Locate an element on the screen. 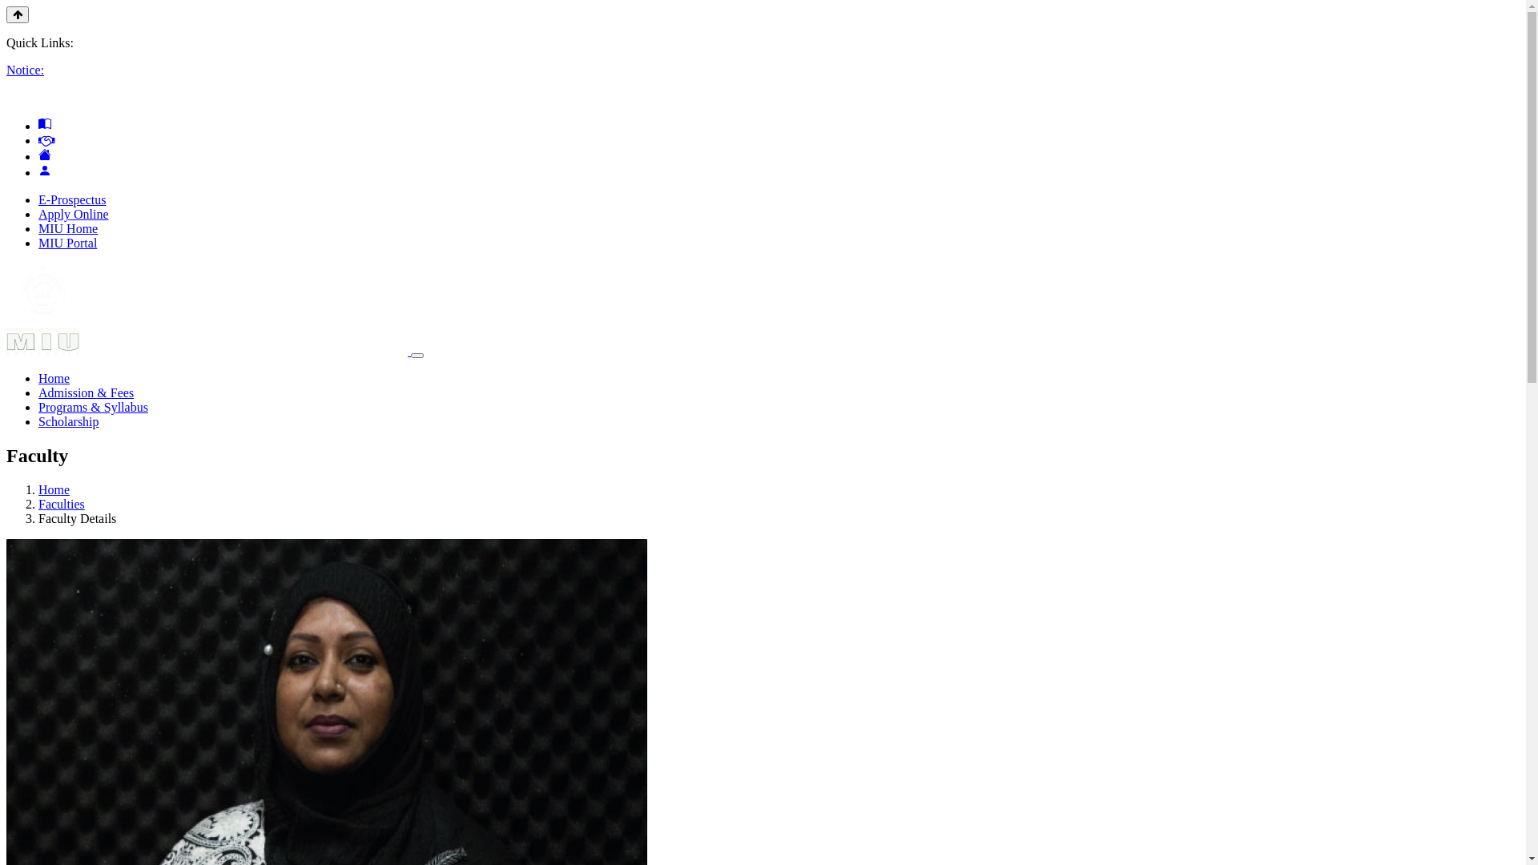  'Admission & Fees' is located at coordinates (85, 392).